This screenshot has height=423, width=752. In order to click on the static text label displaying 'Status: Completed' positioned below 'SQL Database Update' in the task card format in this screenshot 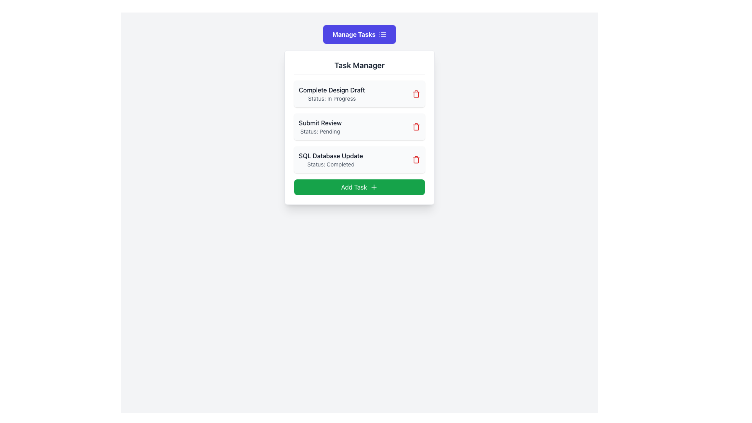, I will do `click(331, 164)`.